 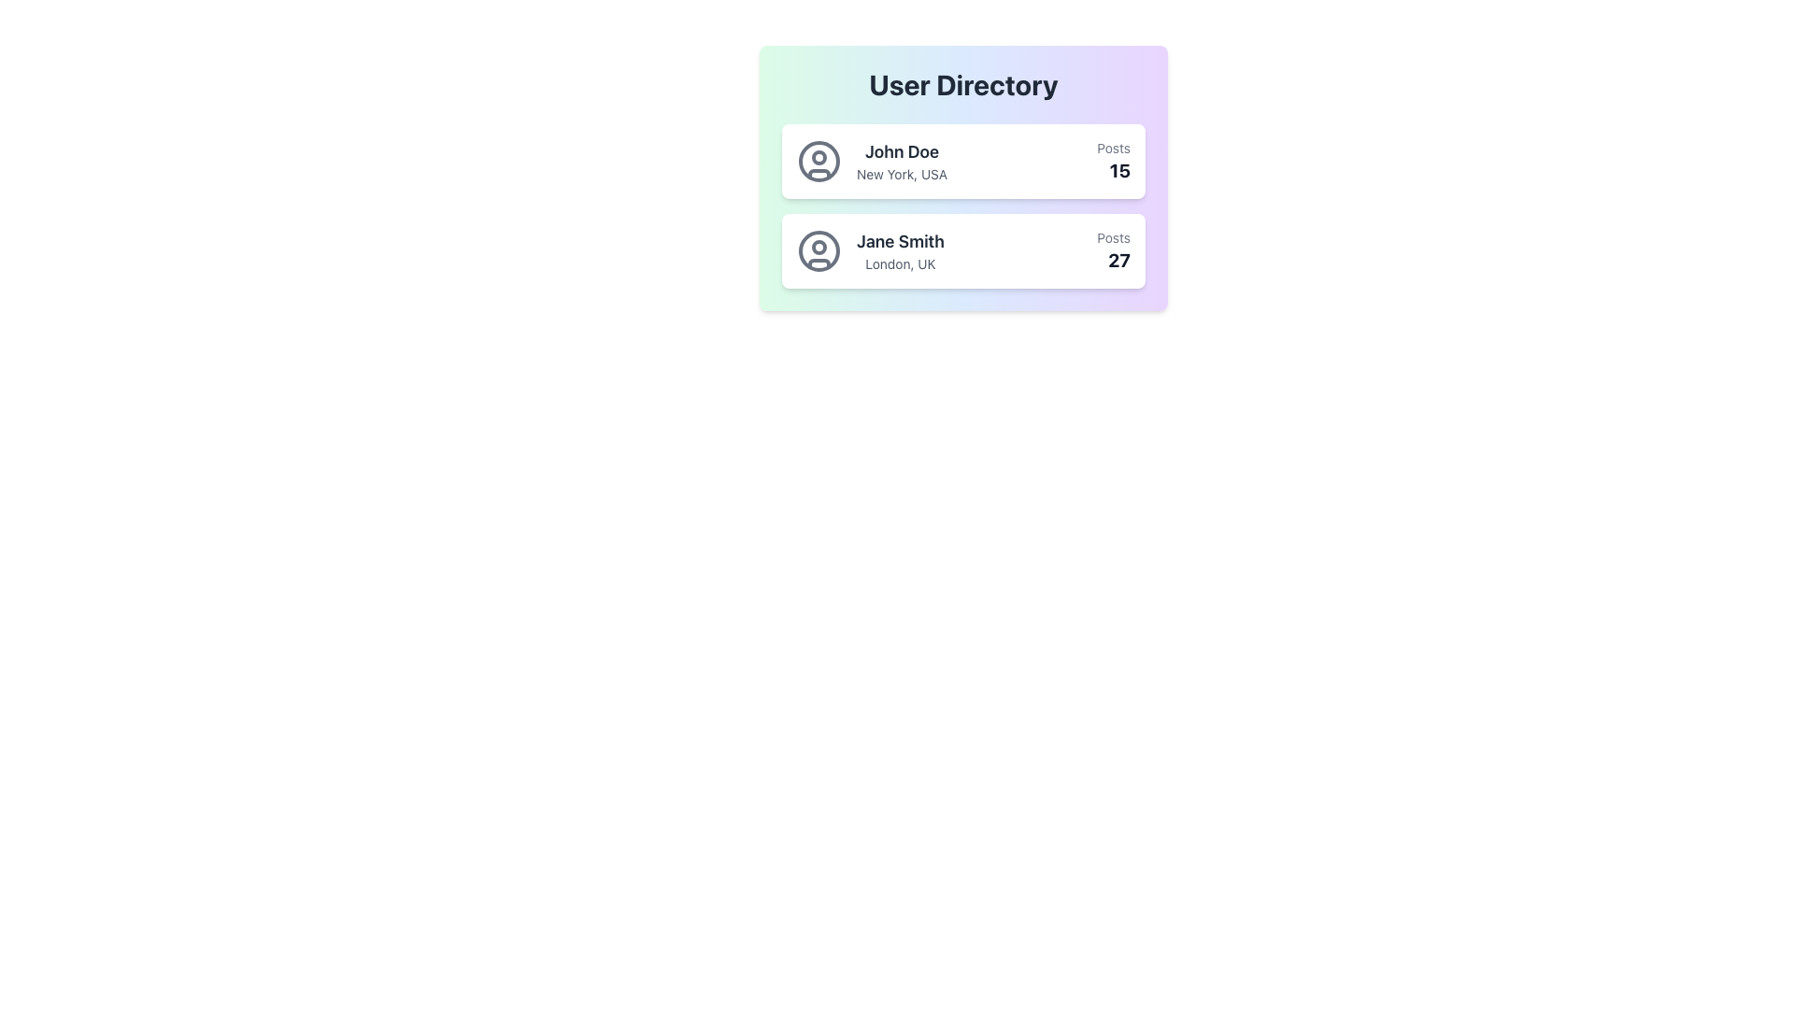 I want to click on displayed information from the text block containing 'John Doe' and 'New York, USA', located in the upper section of the user directory card, so click(x=902, y=161).